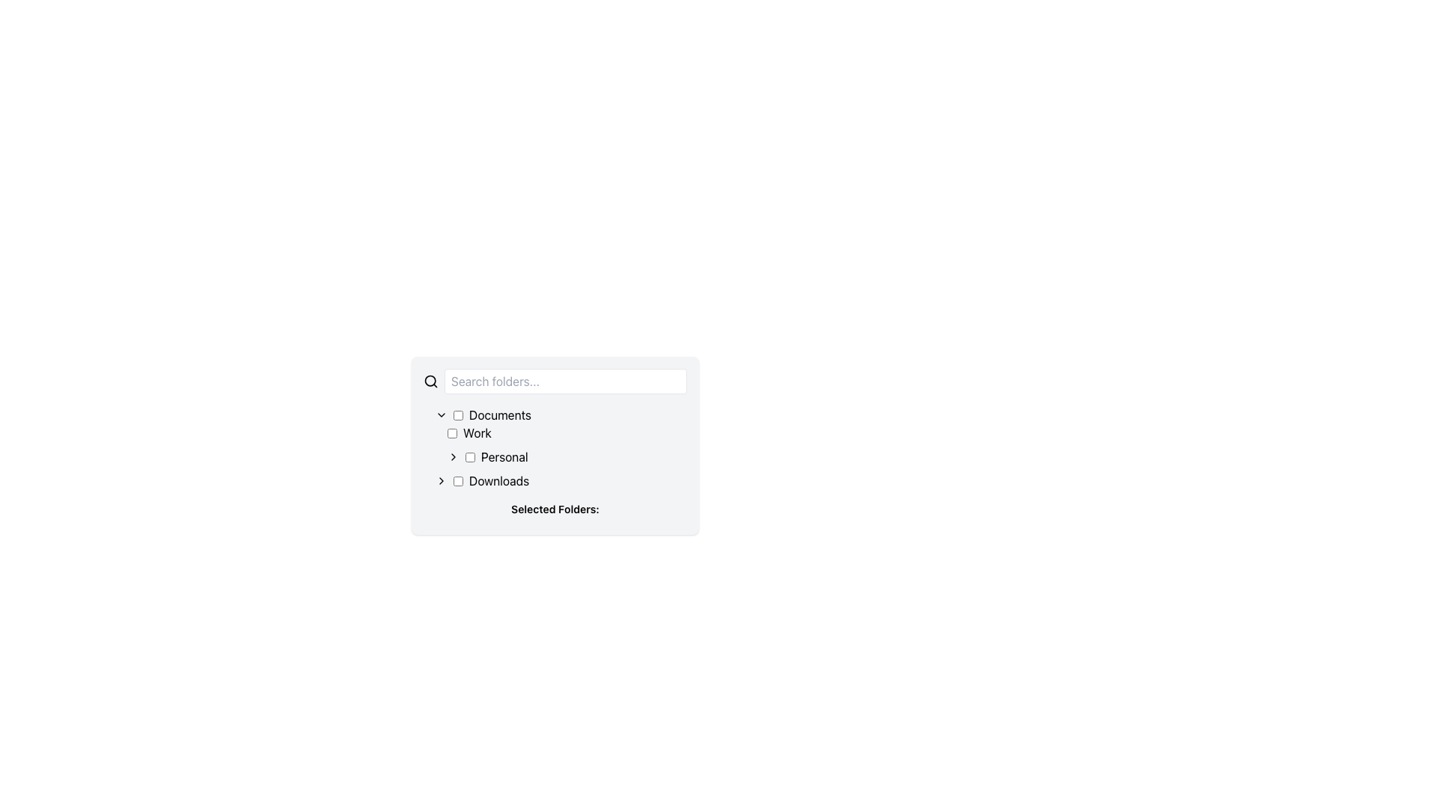  Describe the element at coordinates (469, 456) in the screenshot. I see `the checkbox located to the left of the 'Personal' label` at that location.